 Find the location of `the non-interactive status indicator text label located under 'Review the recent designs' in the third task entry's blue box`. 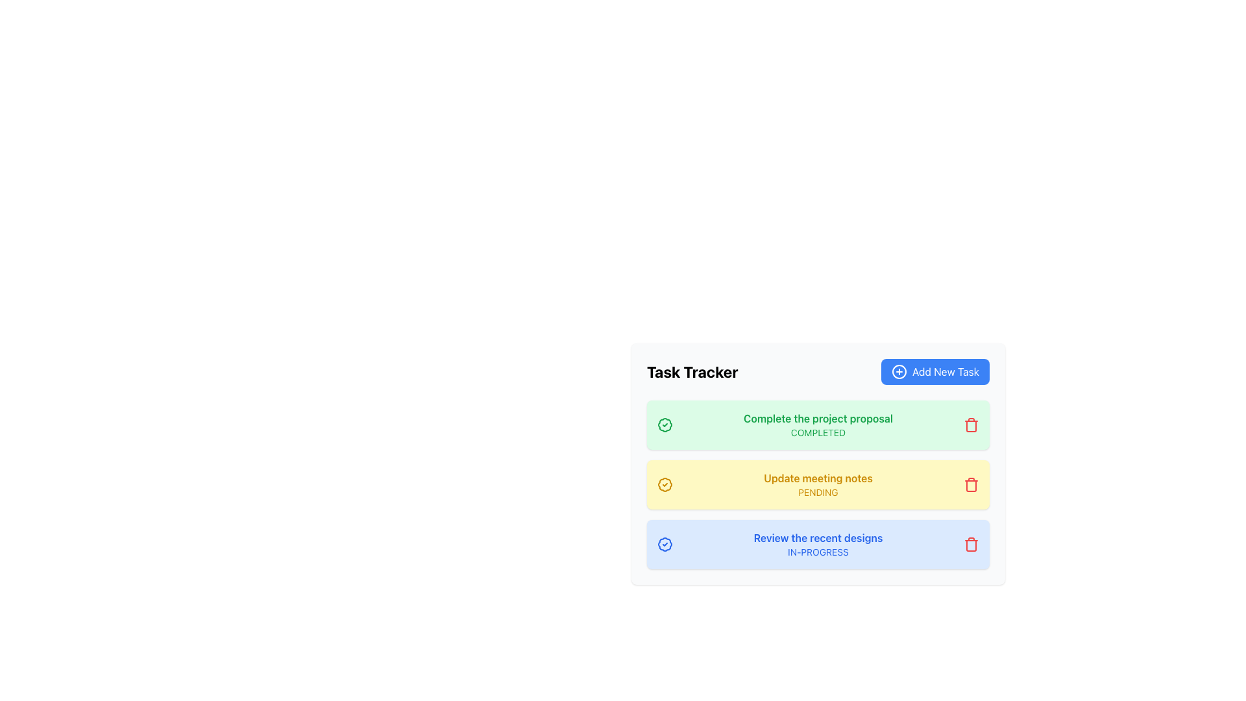

the non-interactive status indicator text label located under 'Review the recent designs' in the third task entry's blue box is located at coordinates (818, 552).